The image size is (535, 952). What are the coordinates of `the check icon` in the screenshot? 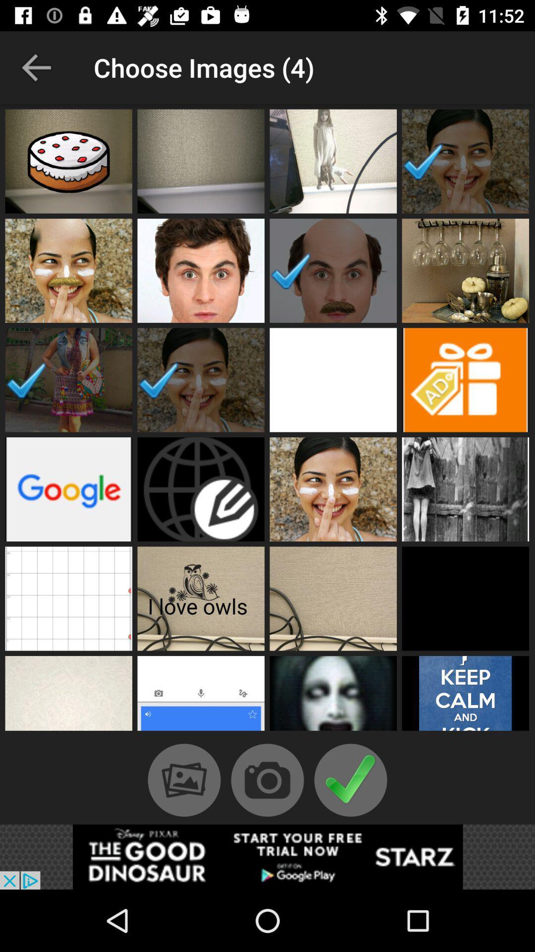 It's located at (350, 779).